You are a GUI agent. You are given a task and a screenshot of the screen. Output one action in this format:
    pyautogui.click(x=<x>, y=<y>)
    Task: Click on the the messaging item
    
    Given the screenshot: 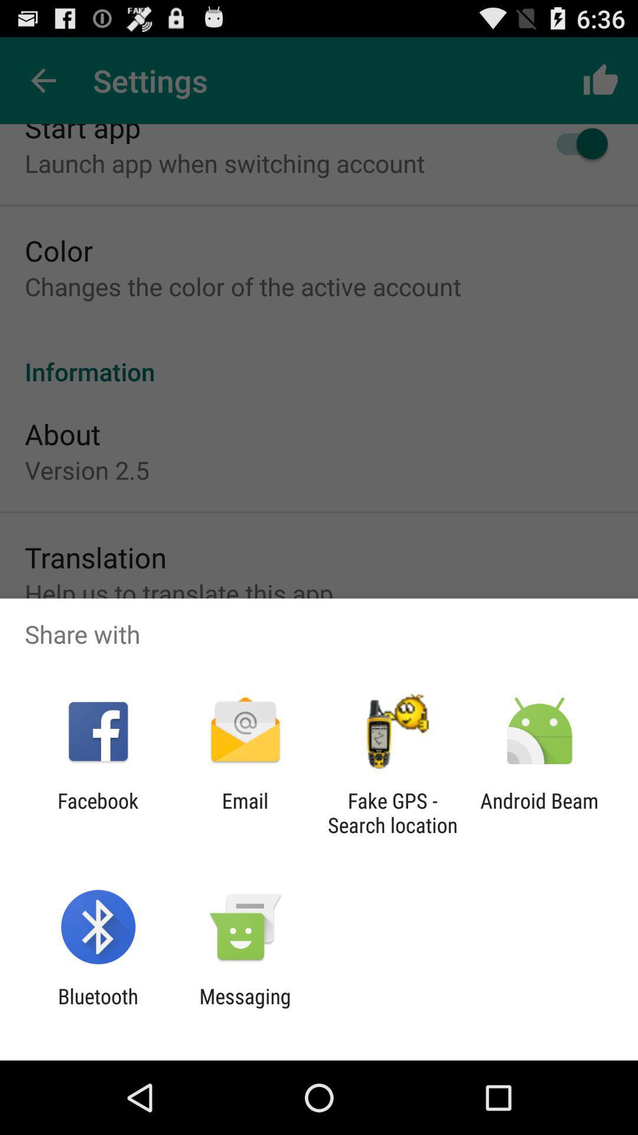 What is the action you would take?
    pyautogui.click(x=245, y=1008)
    